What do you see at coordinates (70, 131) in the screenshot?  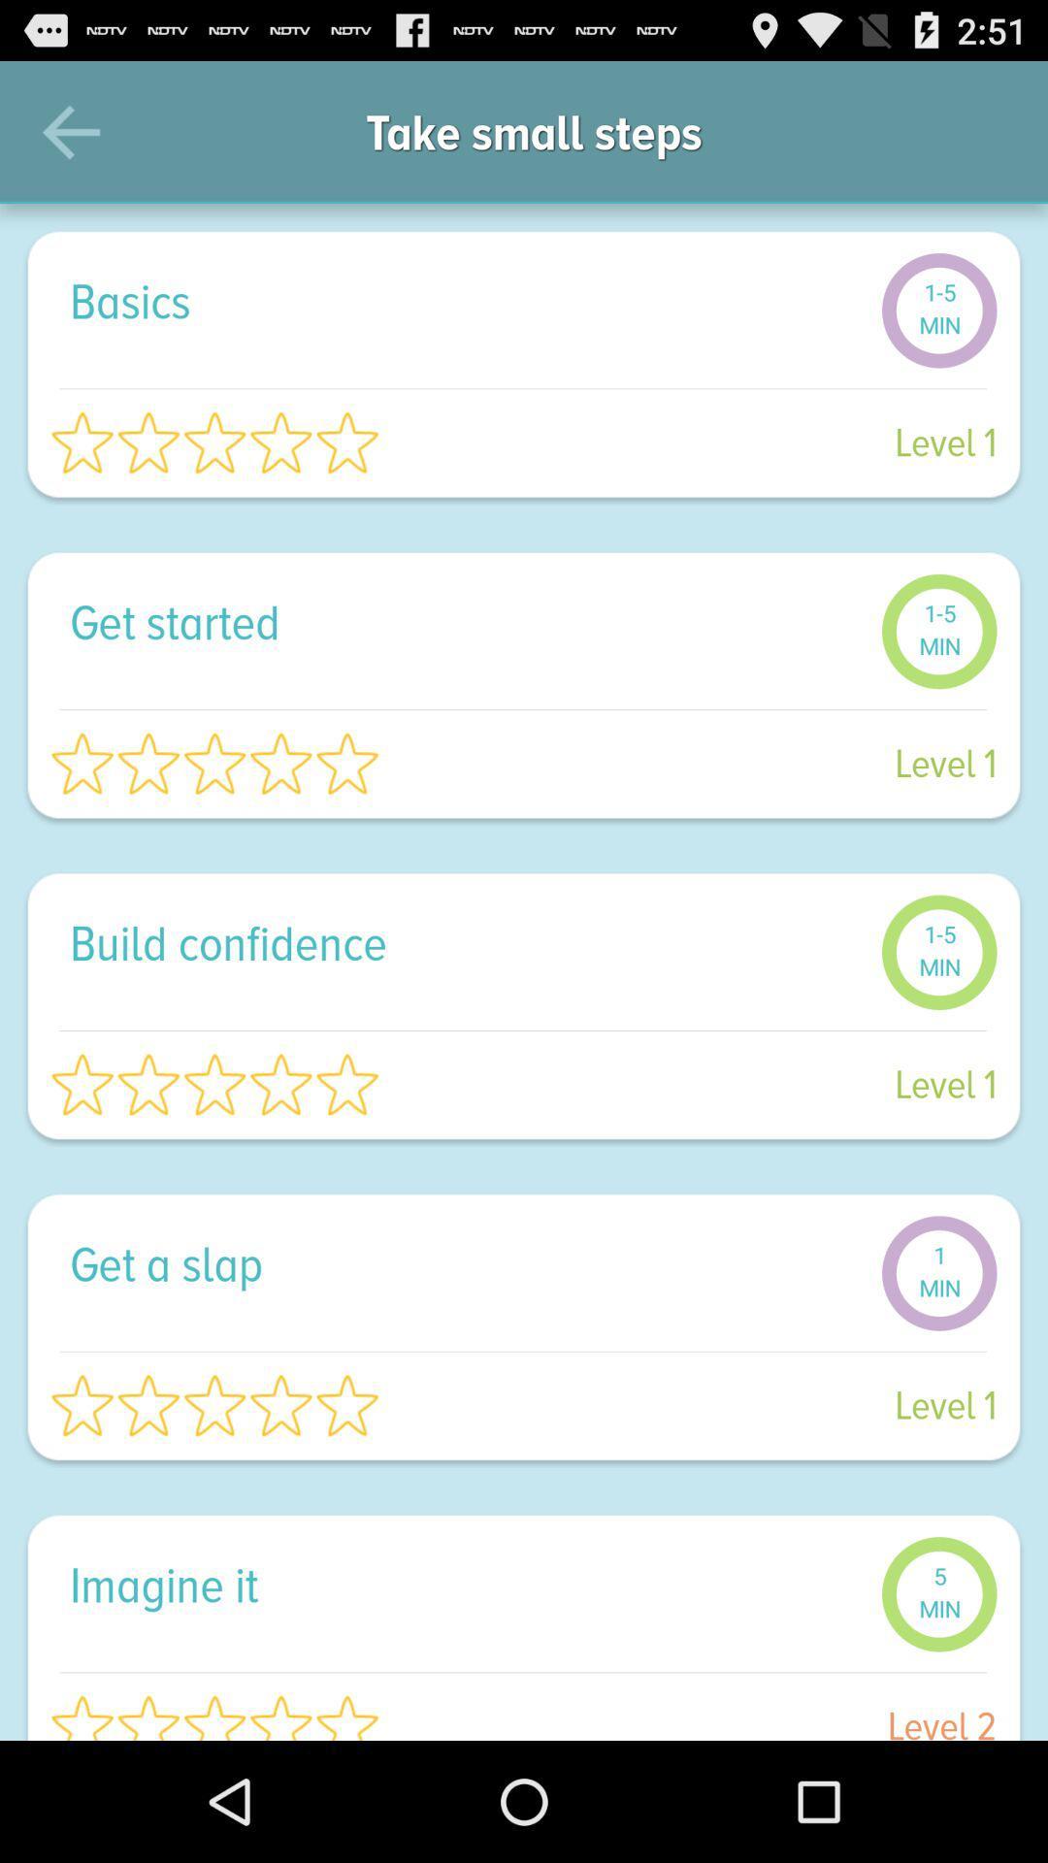 I see `the icon above the basics` at bounding box center [70, 131].